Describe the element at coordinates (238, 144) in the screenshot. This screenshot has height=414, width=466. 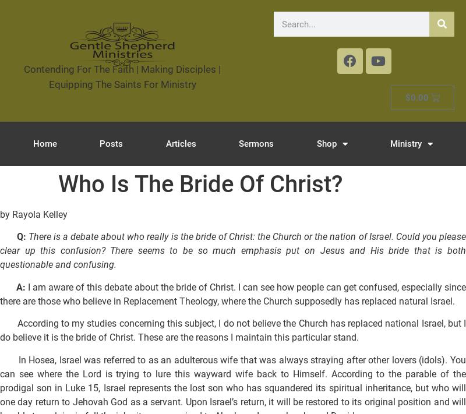
I see `'Sermons'` at that location.